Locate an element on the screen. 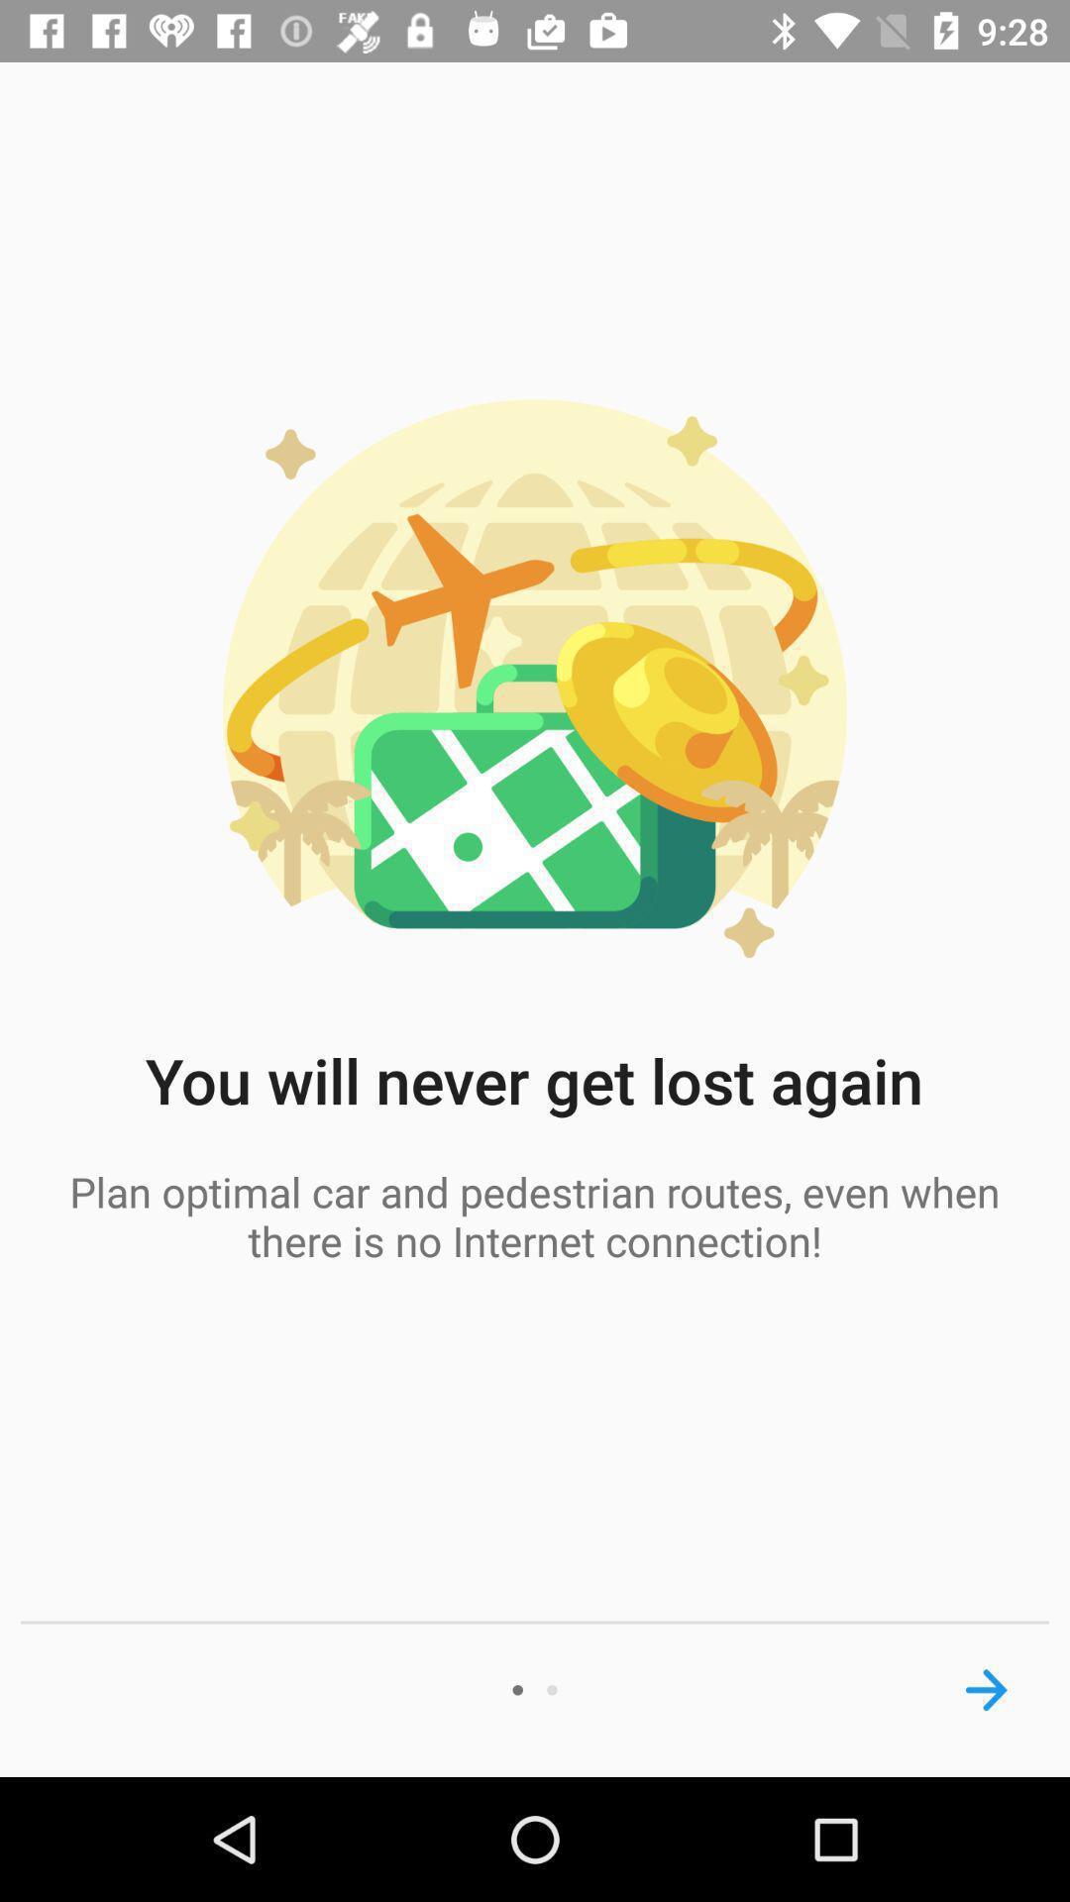 Image resolution: width=1070 pixels, height=1902 pixels. the icon at the bottom right corner is located at coordinates (986, 1689).